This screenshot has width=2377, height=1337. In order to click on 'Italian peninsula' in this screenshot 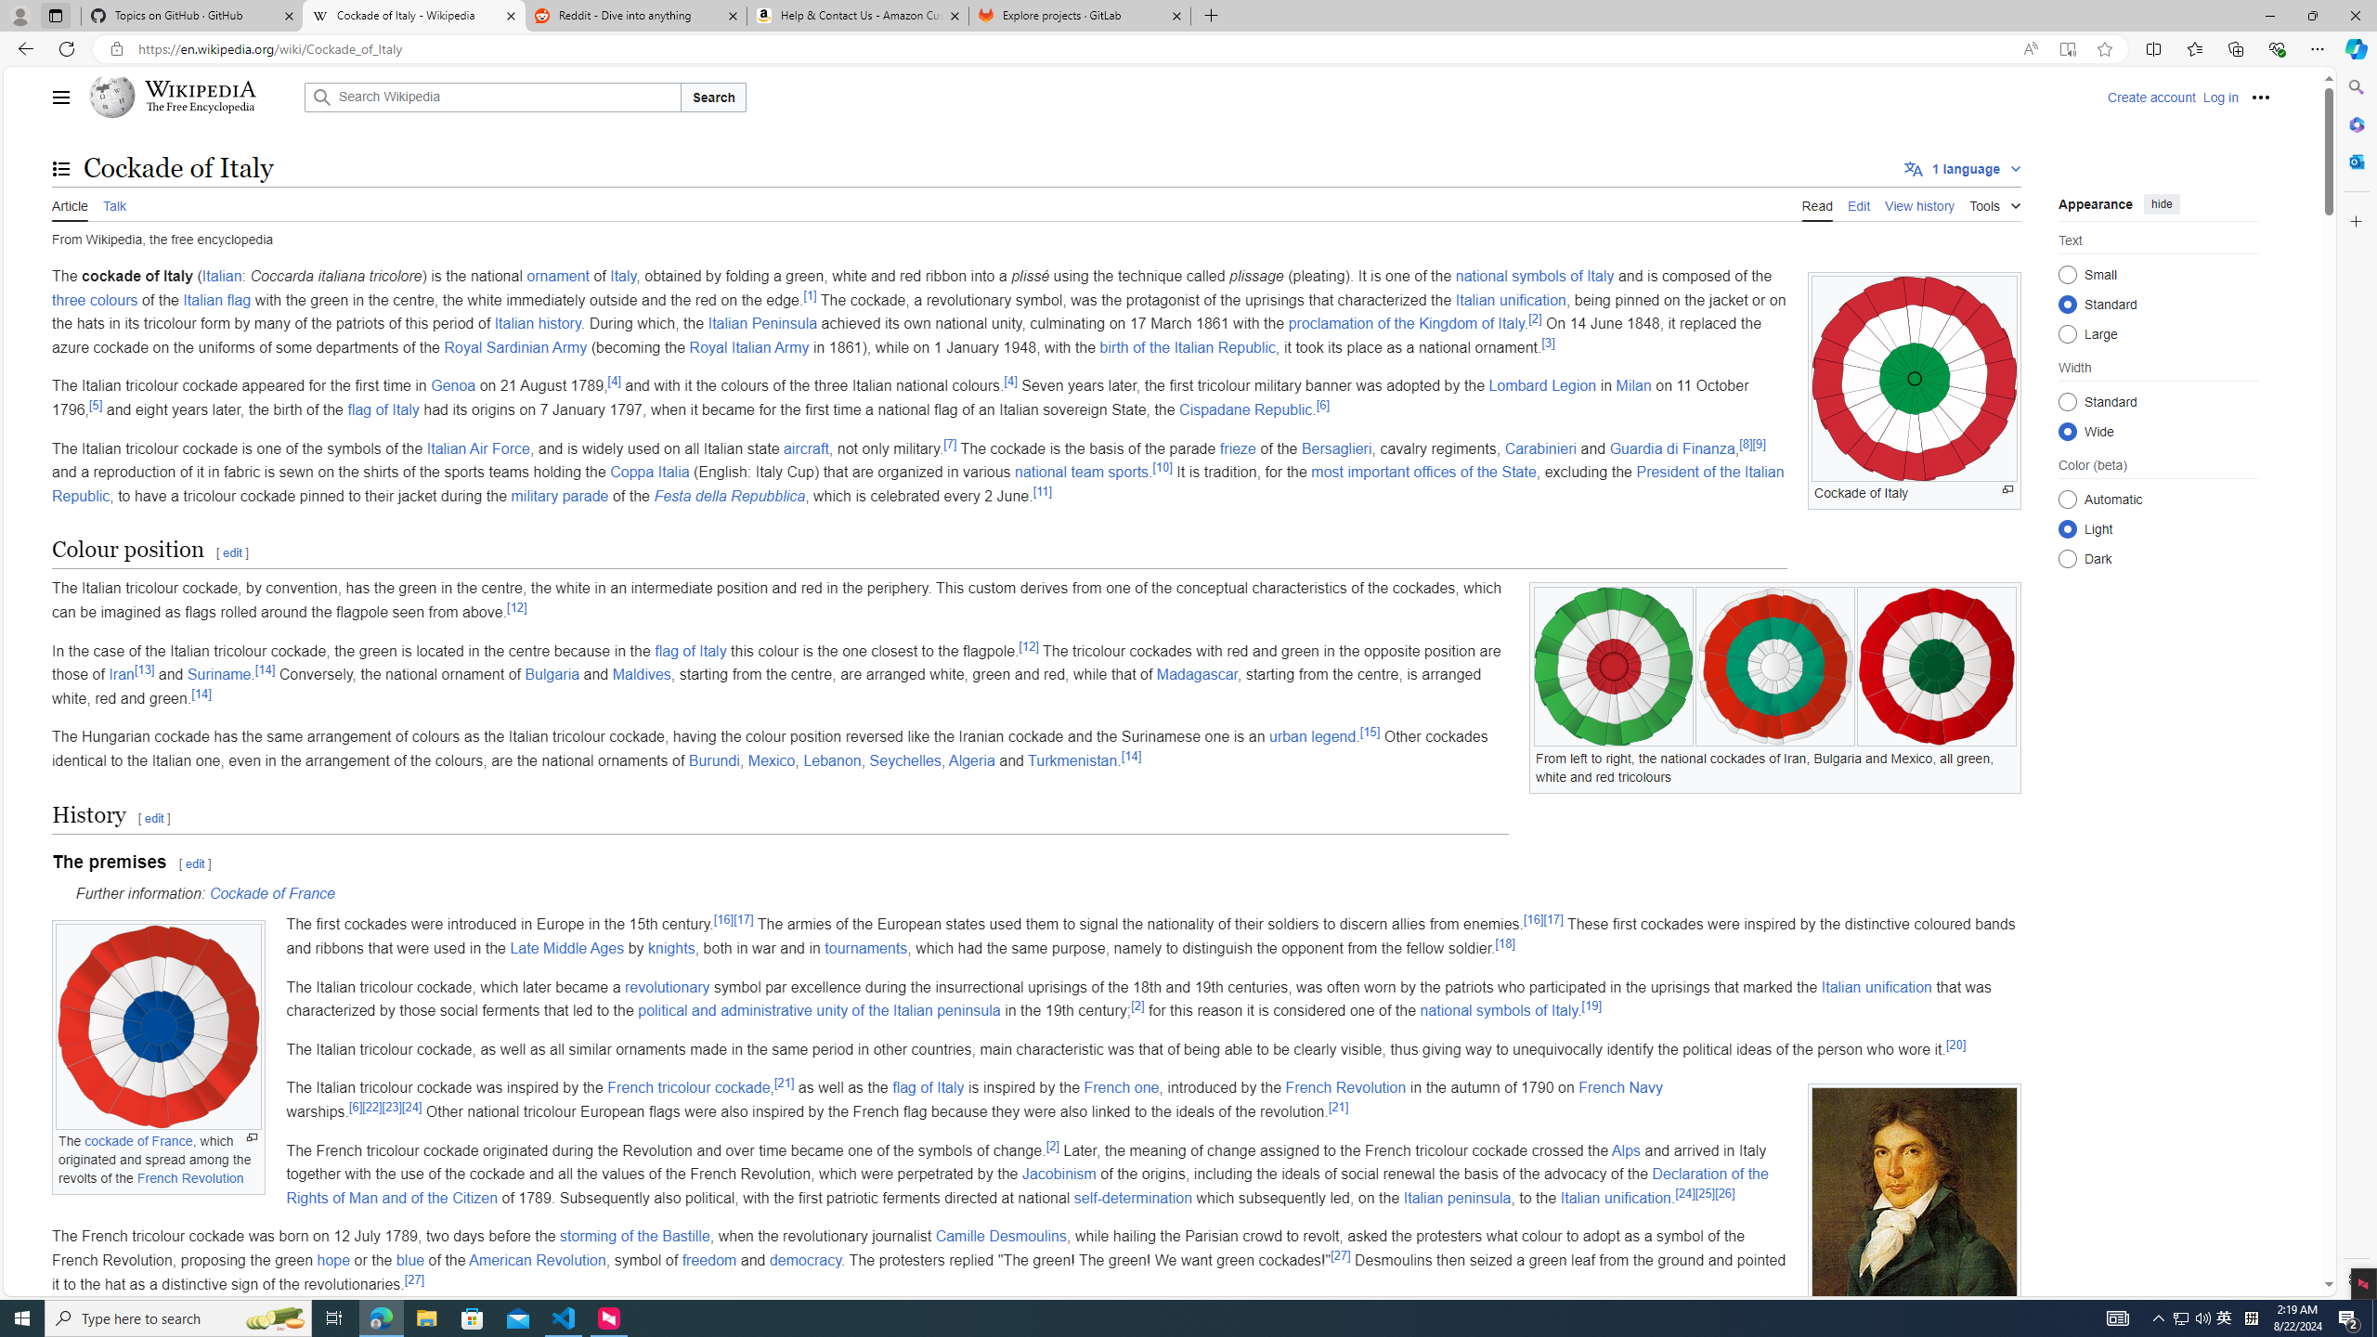, I will do `click(1457, 1198)`.